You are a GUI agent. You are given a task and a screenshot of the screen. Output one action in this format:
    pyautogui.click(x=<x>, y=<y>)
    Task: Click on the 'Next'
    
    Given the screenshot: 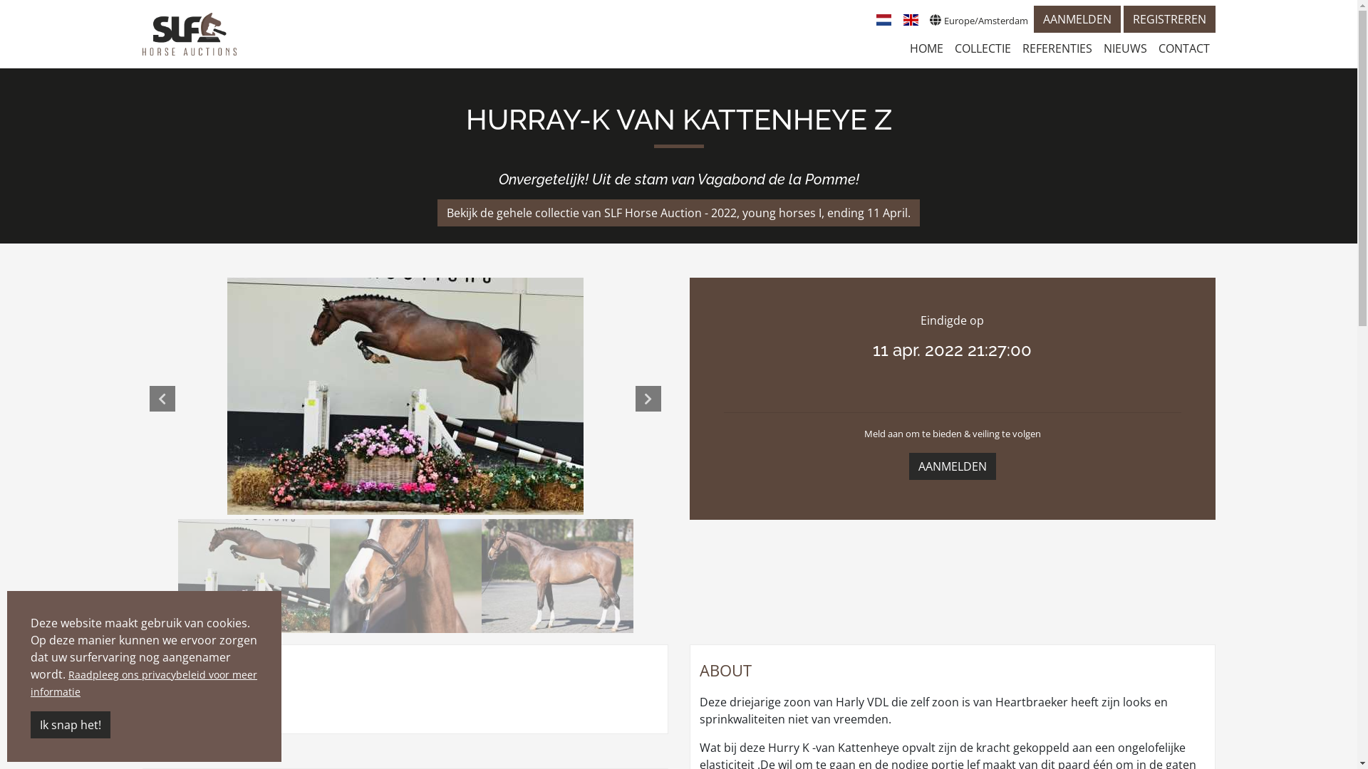 What is the action you would take?
    pyautogui.click(x=648, y=398)
    